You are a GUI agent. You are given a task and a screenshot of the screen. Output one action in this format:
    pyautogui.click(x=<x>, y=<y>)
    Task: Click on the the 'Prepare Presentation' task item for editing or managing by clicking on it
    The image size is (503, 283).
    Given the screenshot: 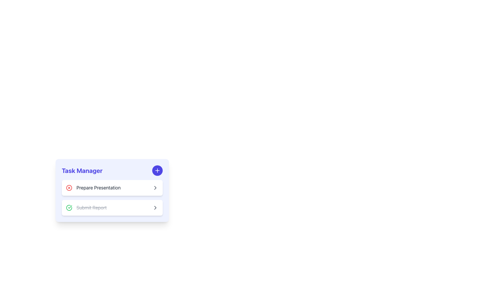 What is the action you would take?
    pyautogui.click(x=93, y=188)
    